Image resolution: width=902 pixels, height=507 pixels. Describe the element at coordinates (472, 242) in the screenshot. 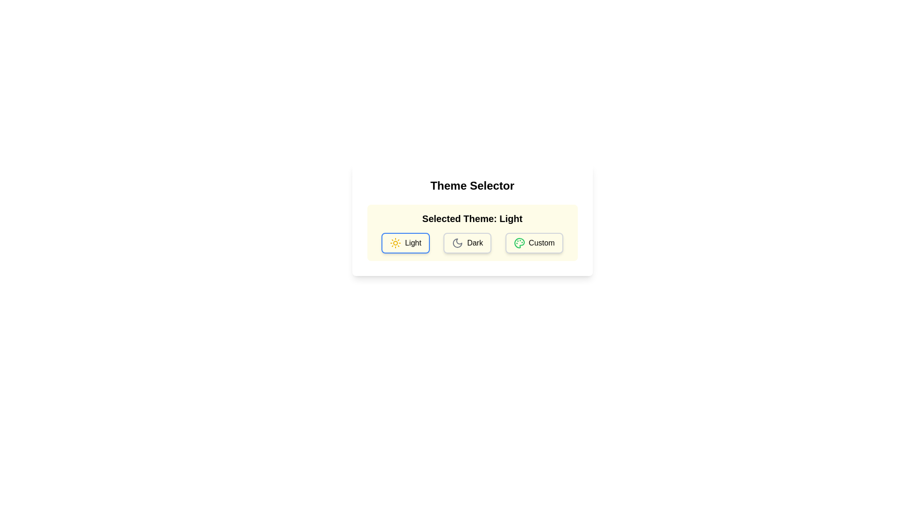

I see `the 'Dark' button located under the title 'Selected Theme: Light'` at that location.